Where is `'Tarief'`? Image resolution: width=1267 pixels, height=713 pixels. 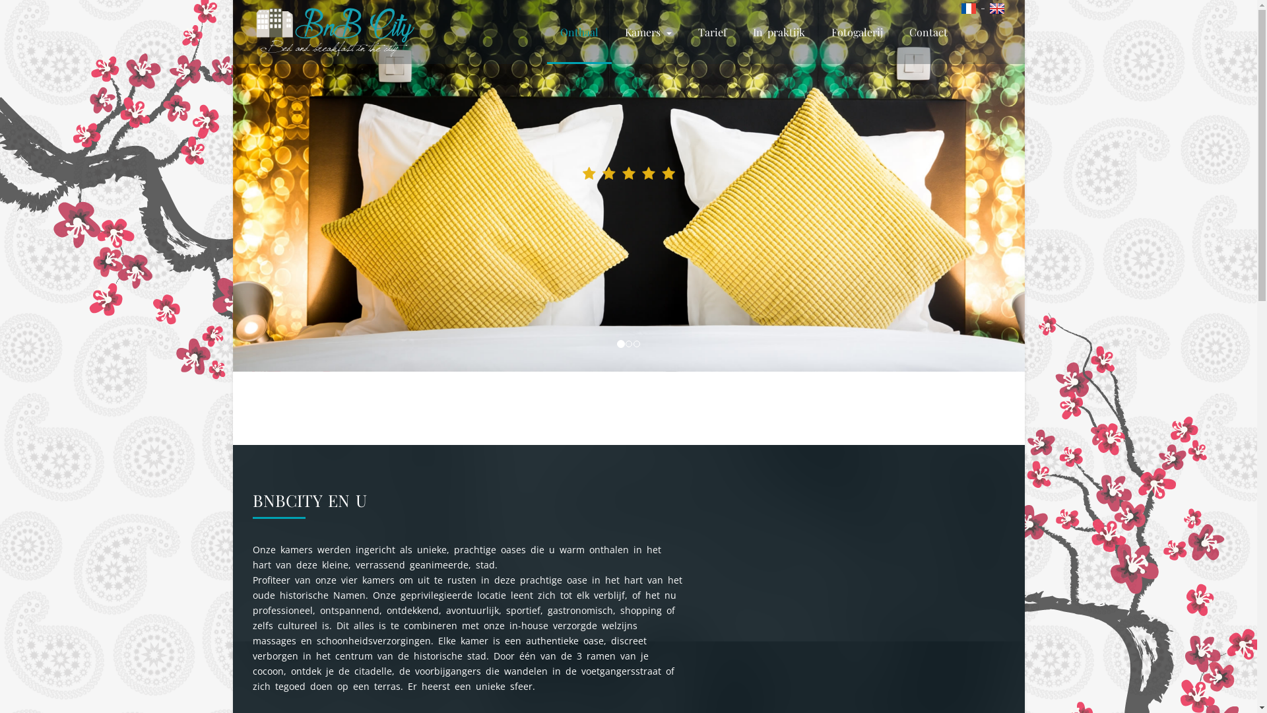
'Tarief' is located at coordinates (711, 31).